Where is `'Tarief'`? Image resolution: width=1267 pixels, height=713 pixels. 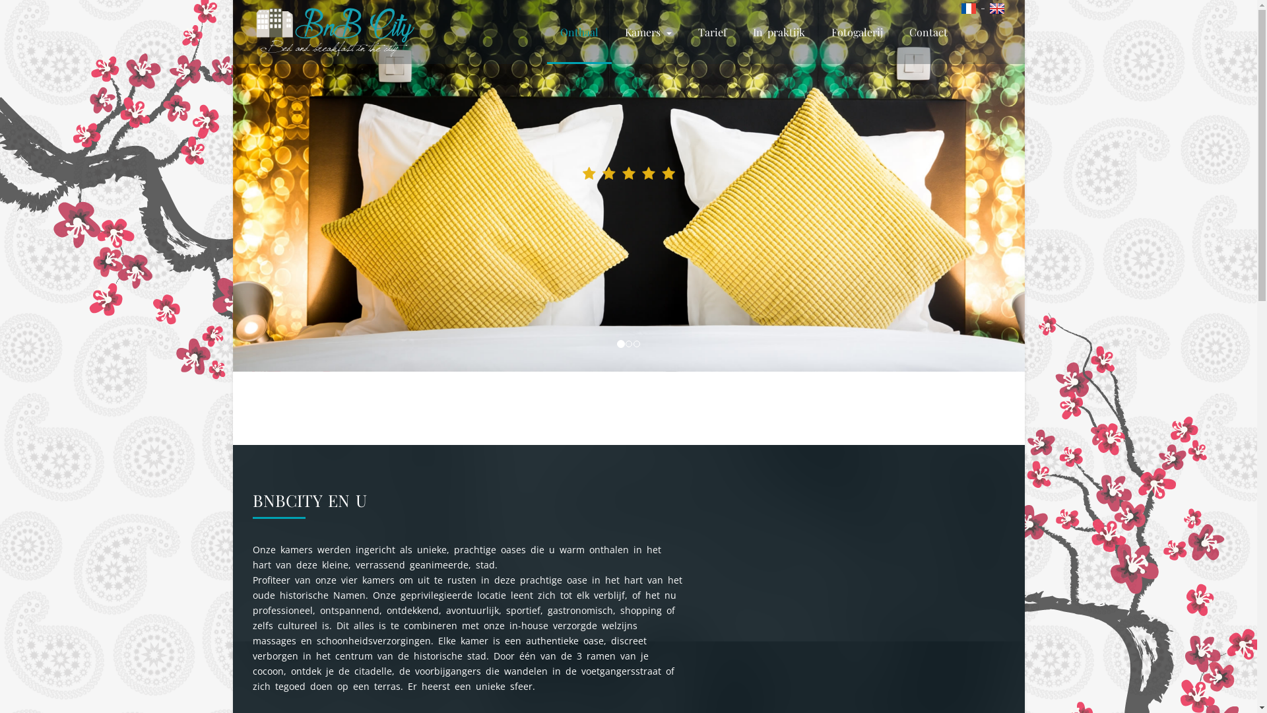
'Tarief' is located at coordinates (711, 31).